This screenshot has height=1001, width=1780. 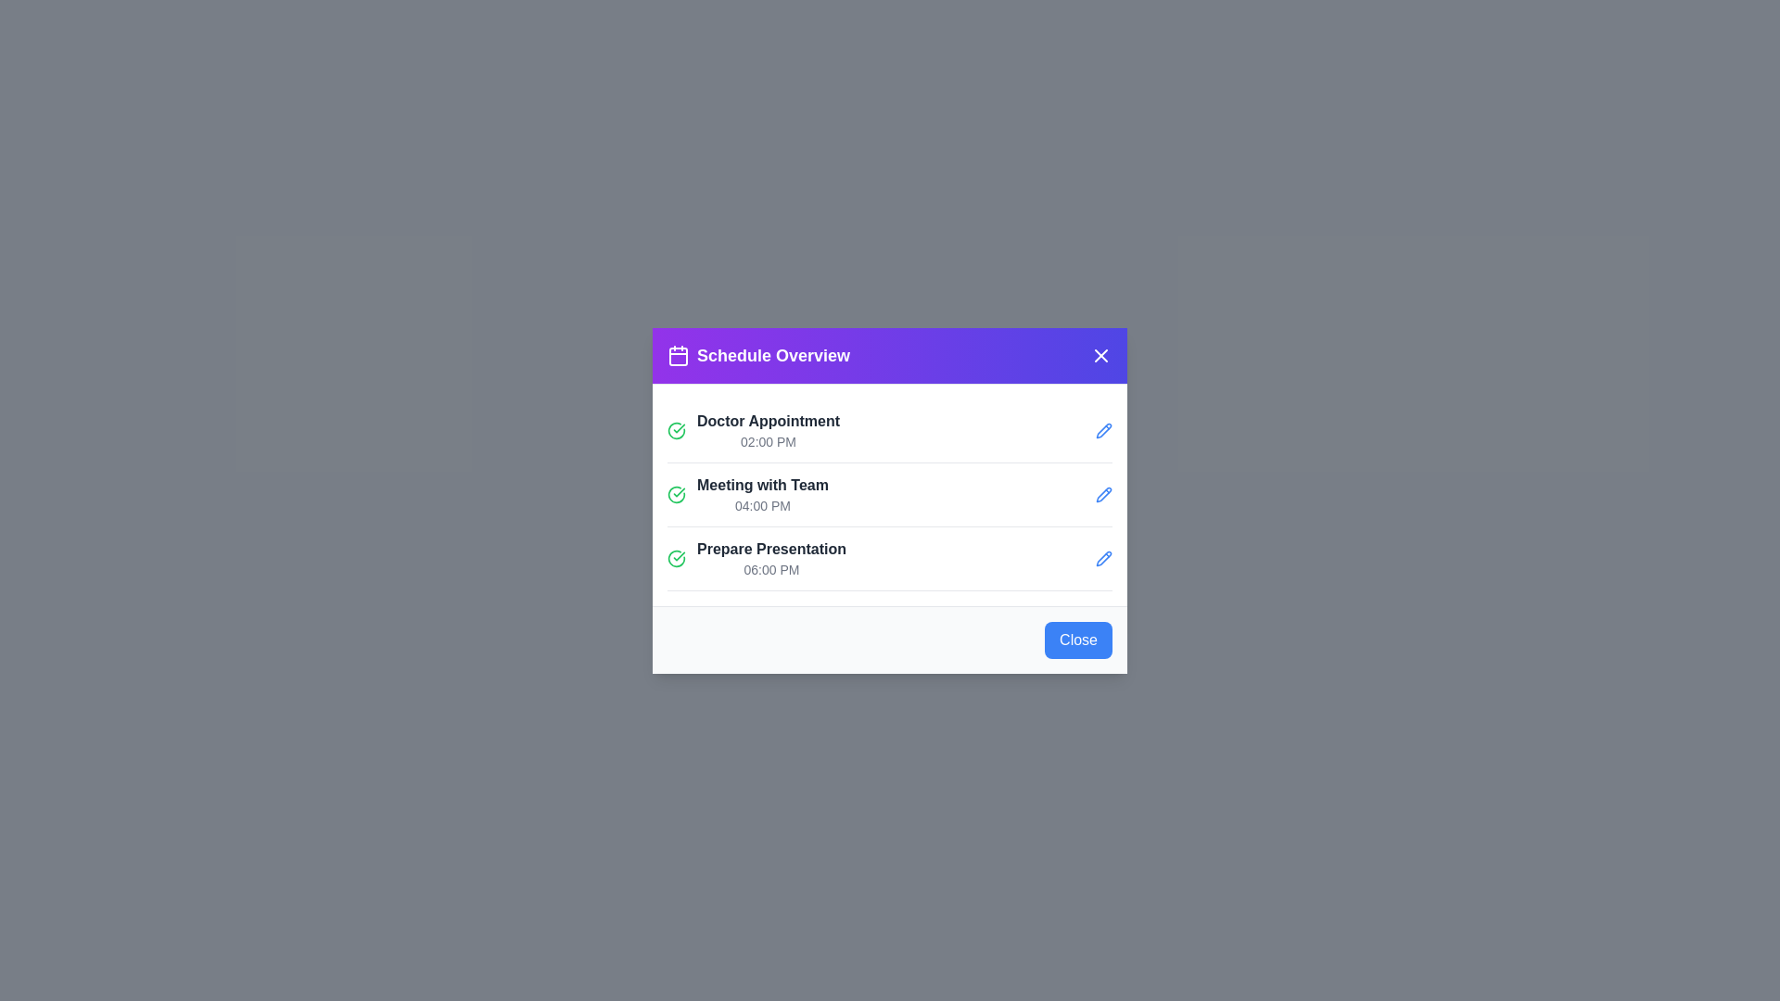 I want to click on the first list item in the schedule overview, so click(x=754, y=430).